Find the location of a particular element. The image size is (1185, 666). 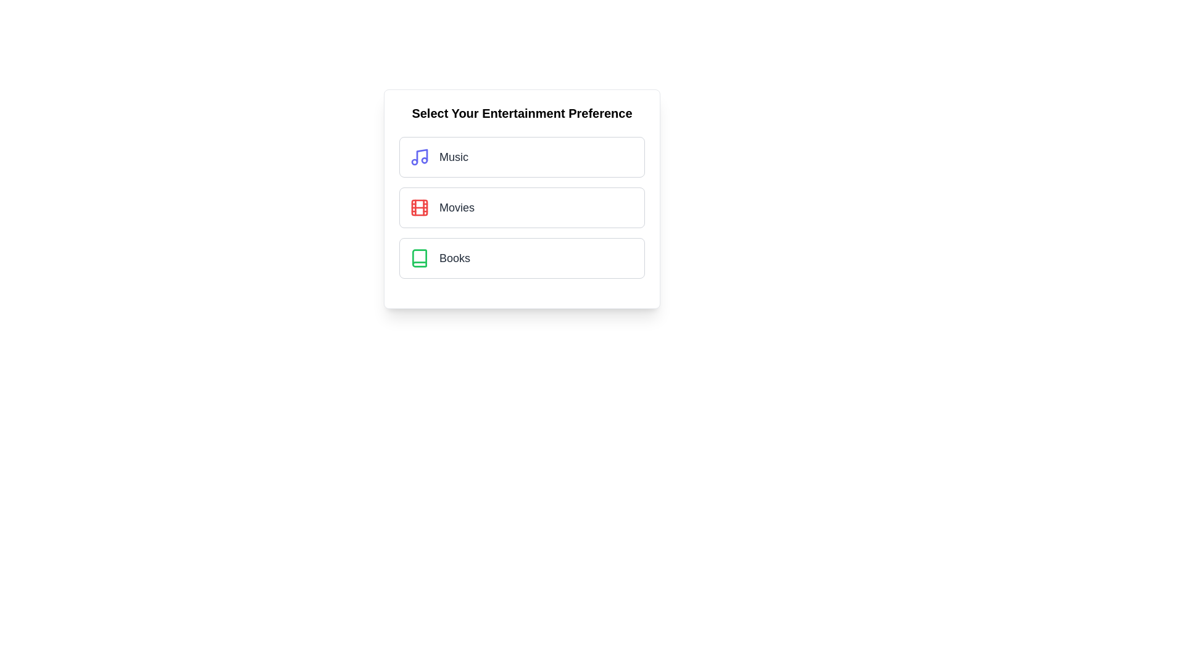

the red outlined film reel icon that is the second item in the 'Select Your Entertainment Preference' list, located to the left of the 'Movies' text is located at coordinates (420, 207).